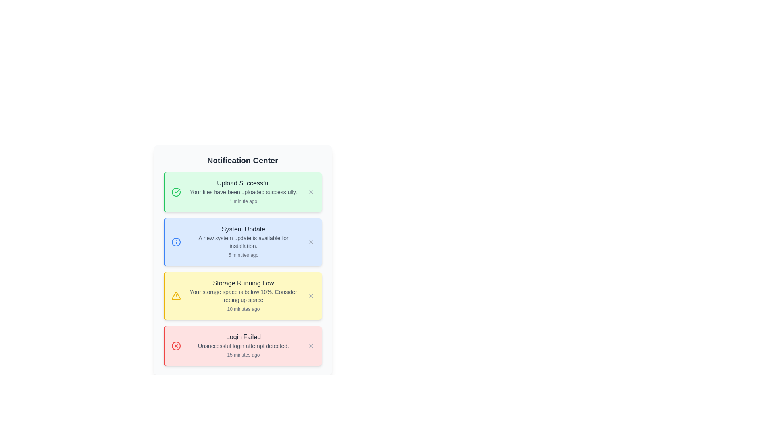  Describe the element at coordinates (243, 229) in the screenshot. I see `the text label that serves as the title for the notification, located at the top of the blue notification card` at that location.